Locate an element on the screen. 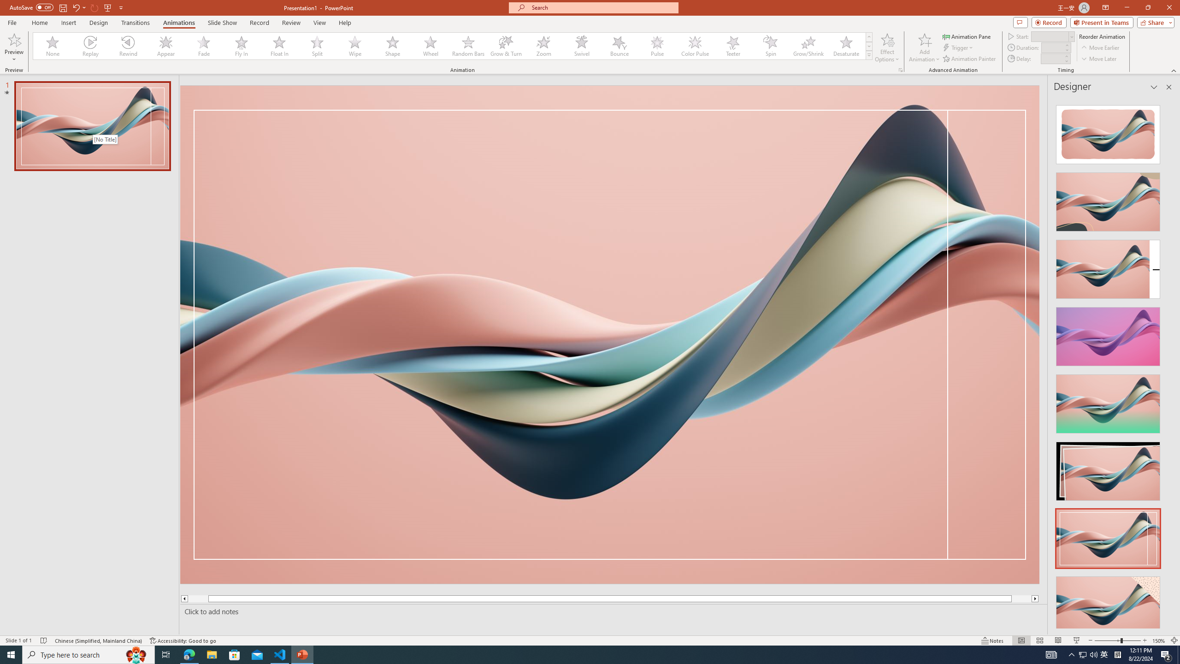  'Appear' is located at coordinates (165, 46).